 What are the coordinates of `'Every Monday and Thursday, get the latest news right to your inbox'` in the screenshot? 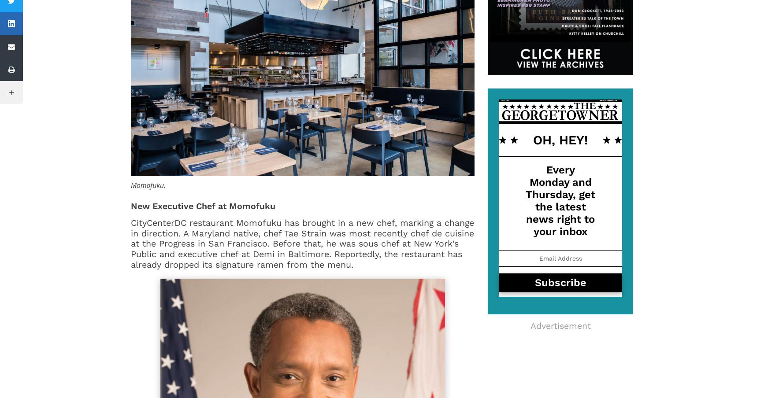 It's located at (560, 199).